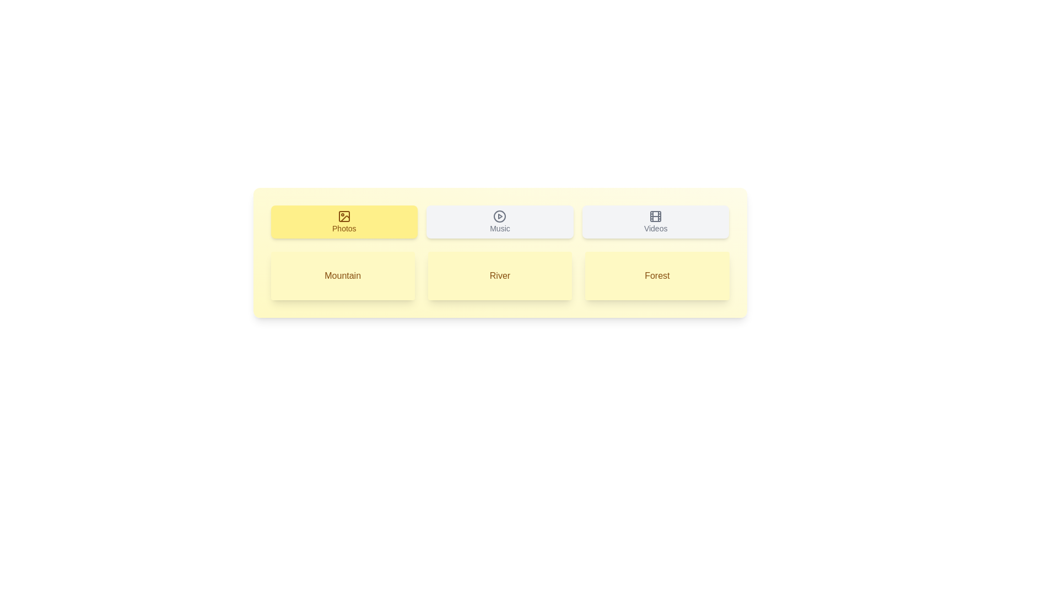 The height and width of the screenshot is (595, 1058). What do you see at coordinates (342, 275) in the screenshot?
I see `the item Mountain in the displayed list` at bounding box center [342, 275].